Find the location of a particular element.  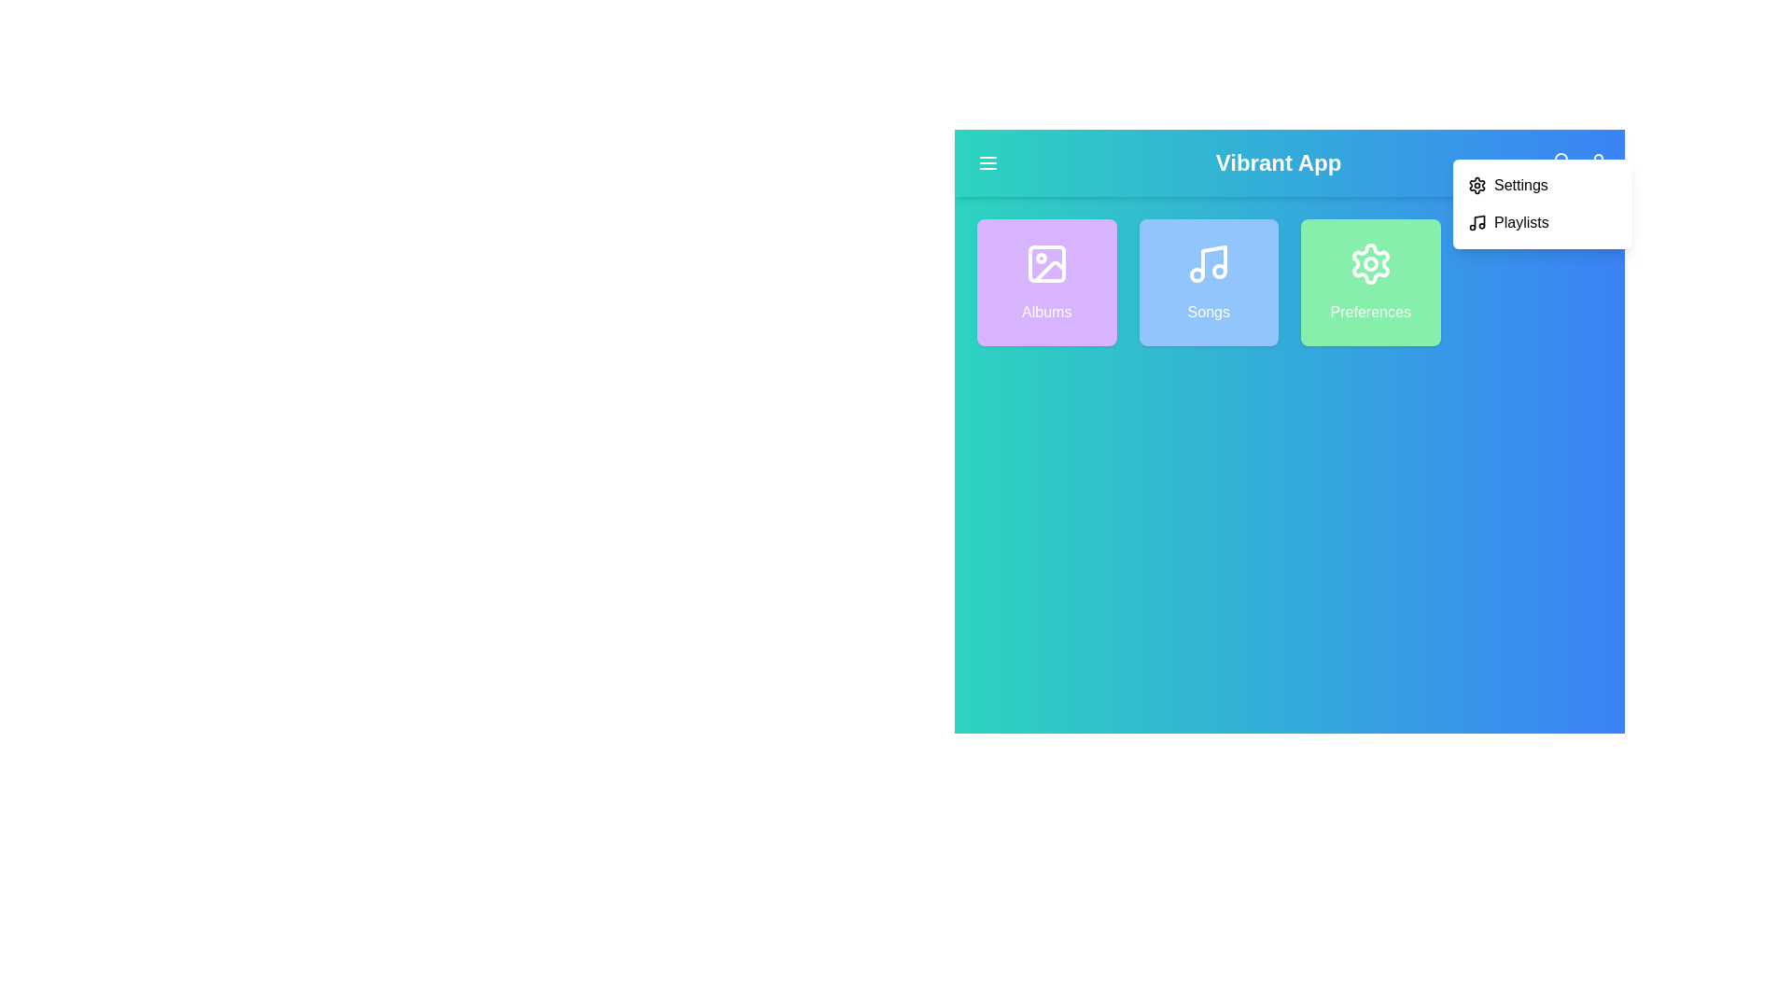

the menu button located at the top-left corner of the navigation bar is located at coordinates (987, 161).